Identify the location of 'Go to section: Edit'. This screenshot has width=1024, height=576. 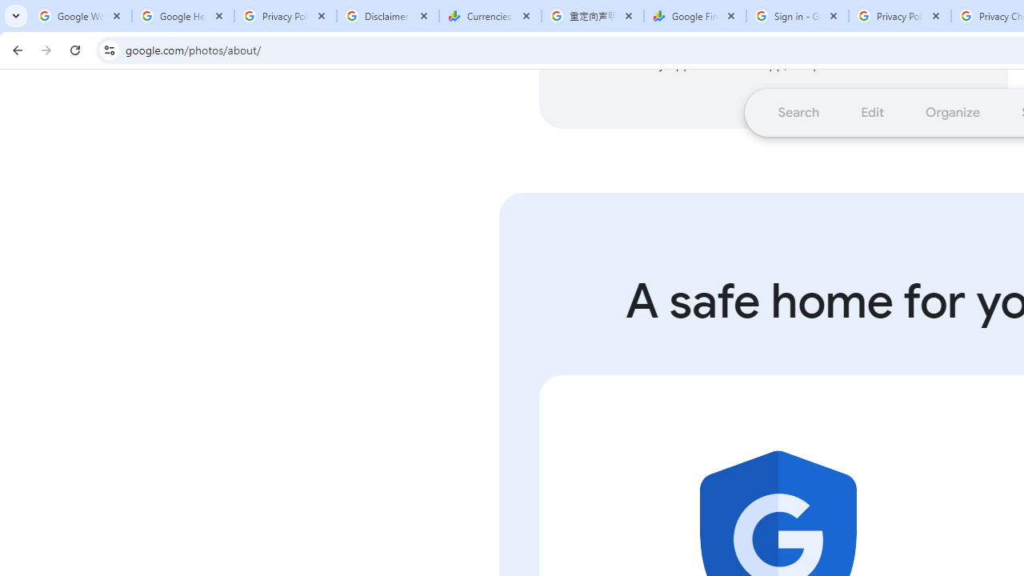
(871, 111).